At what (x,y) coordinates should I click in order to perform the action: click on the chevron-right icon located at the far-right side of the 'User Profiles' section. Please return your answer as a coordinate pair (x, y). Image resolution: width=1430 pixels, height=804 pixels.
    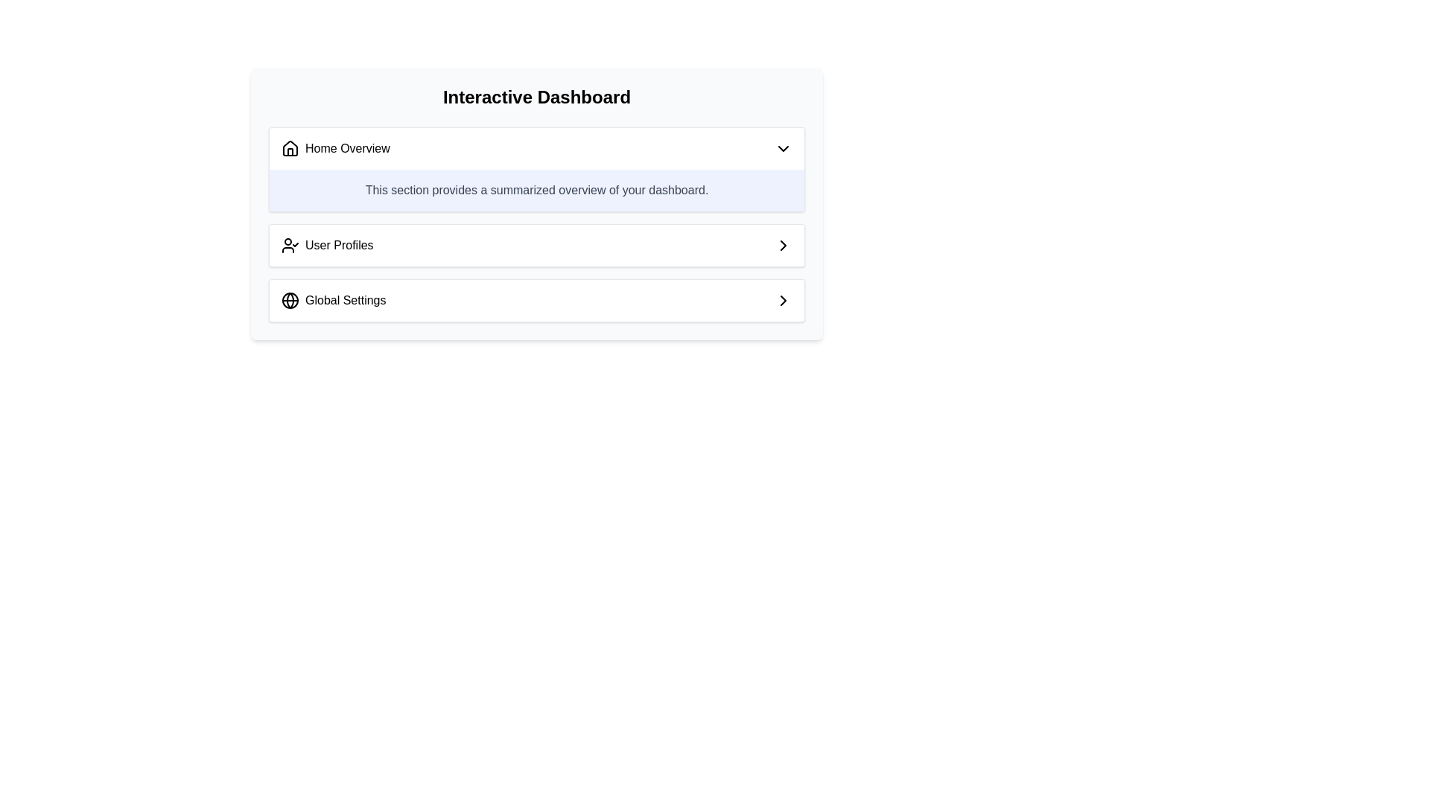
    Looking at the image, I should click on (782, 245).